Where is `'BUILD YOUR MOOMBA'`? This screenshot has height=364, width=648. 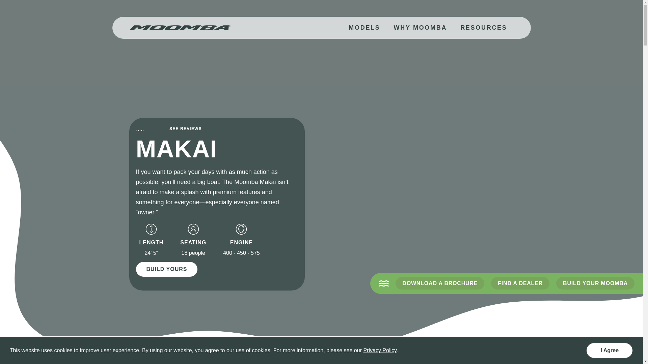
'BUILD YOUR MOOMBA' is located at coordinates (556, 283).